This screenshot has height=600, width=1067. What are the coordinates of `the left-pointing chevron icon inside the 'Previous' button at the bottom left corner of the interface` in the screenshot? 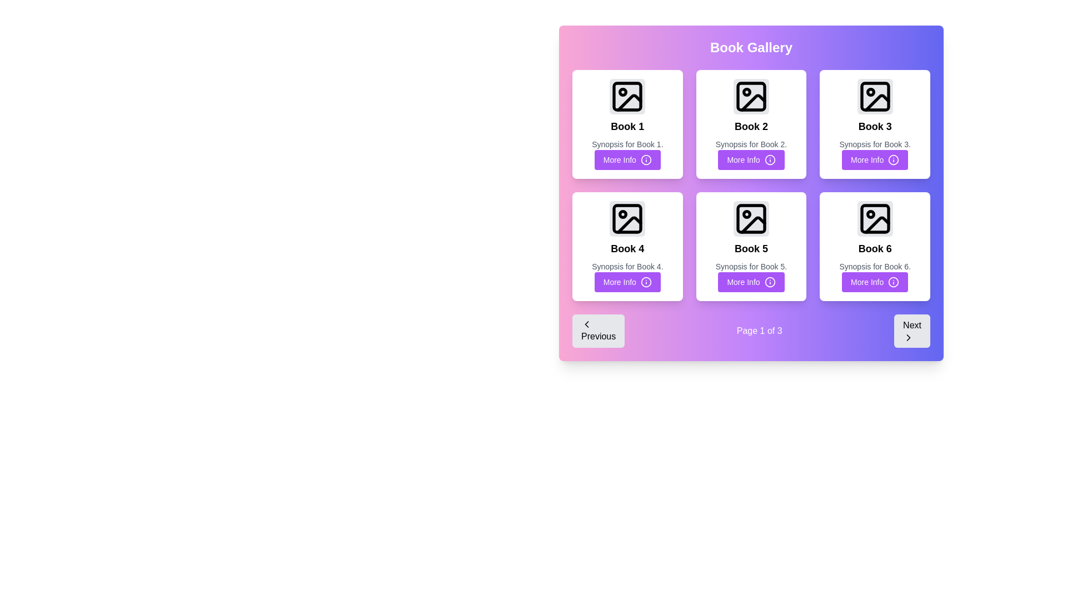 It's located at (586, 324).